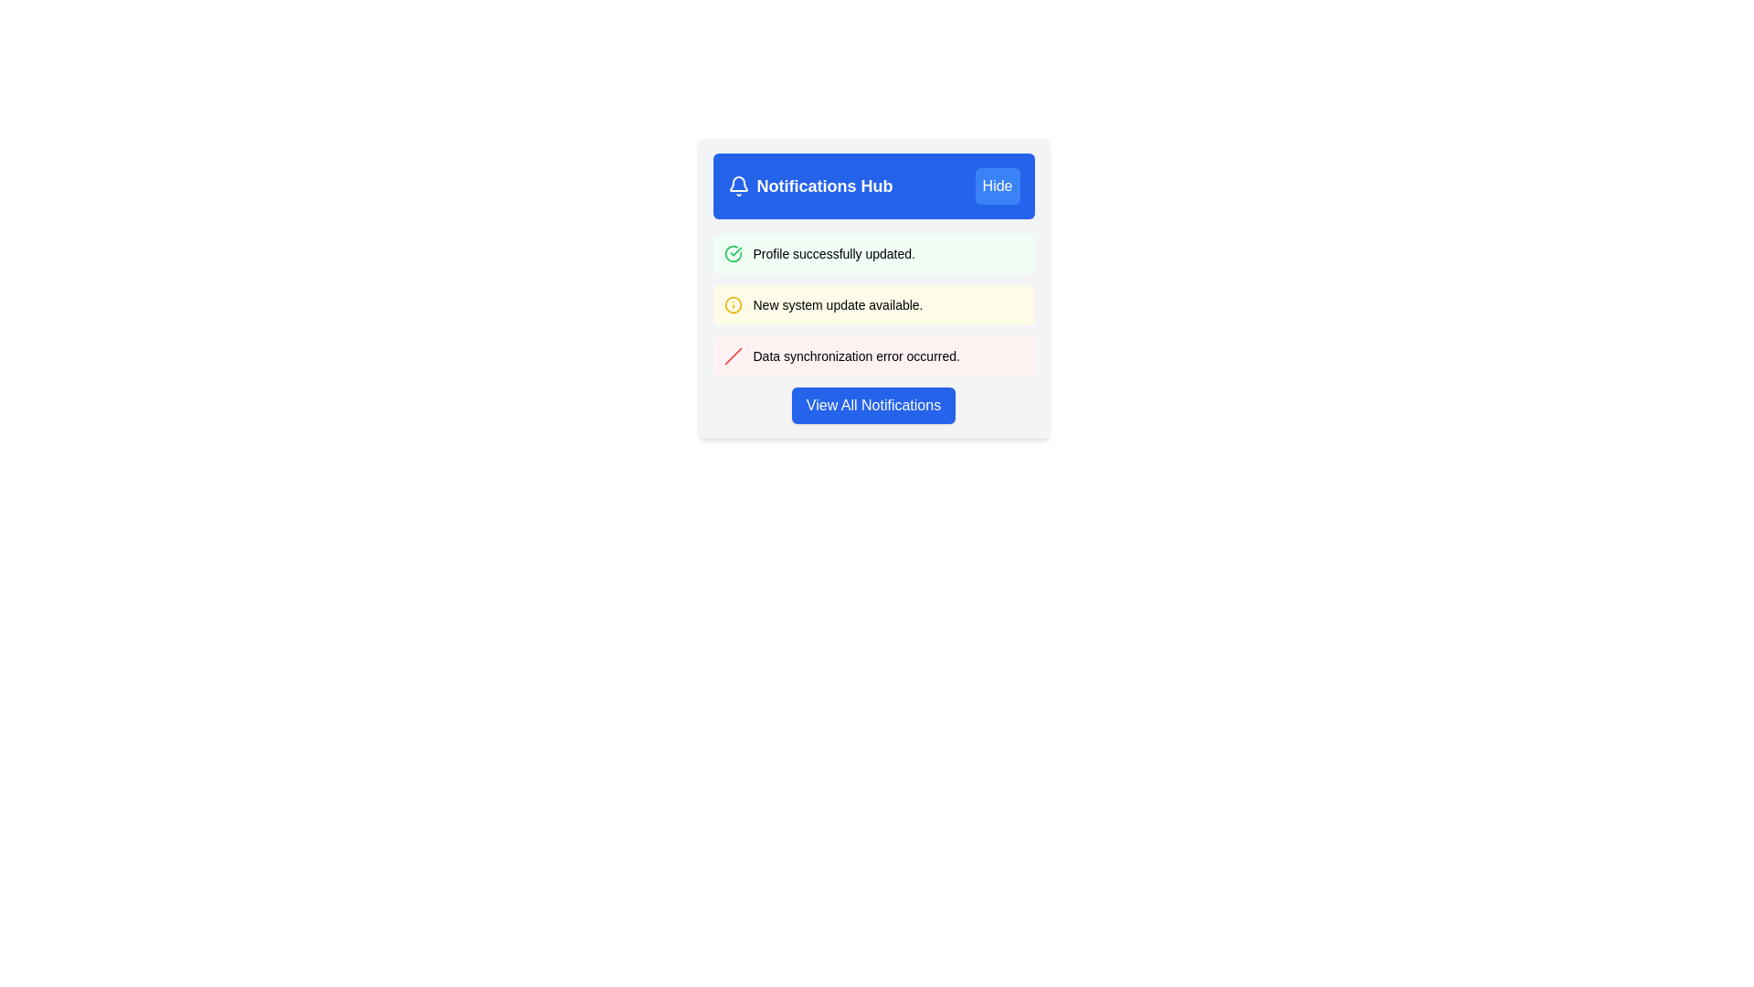 The image size is (1754, 987). I want to click on the static text element that reads 'New system update available.' which is part of the notification list in the Notifications Hub, so click(837, 304).